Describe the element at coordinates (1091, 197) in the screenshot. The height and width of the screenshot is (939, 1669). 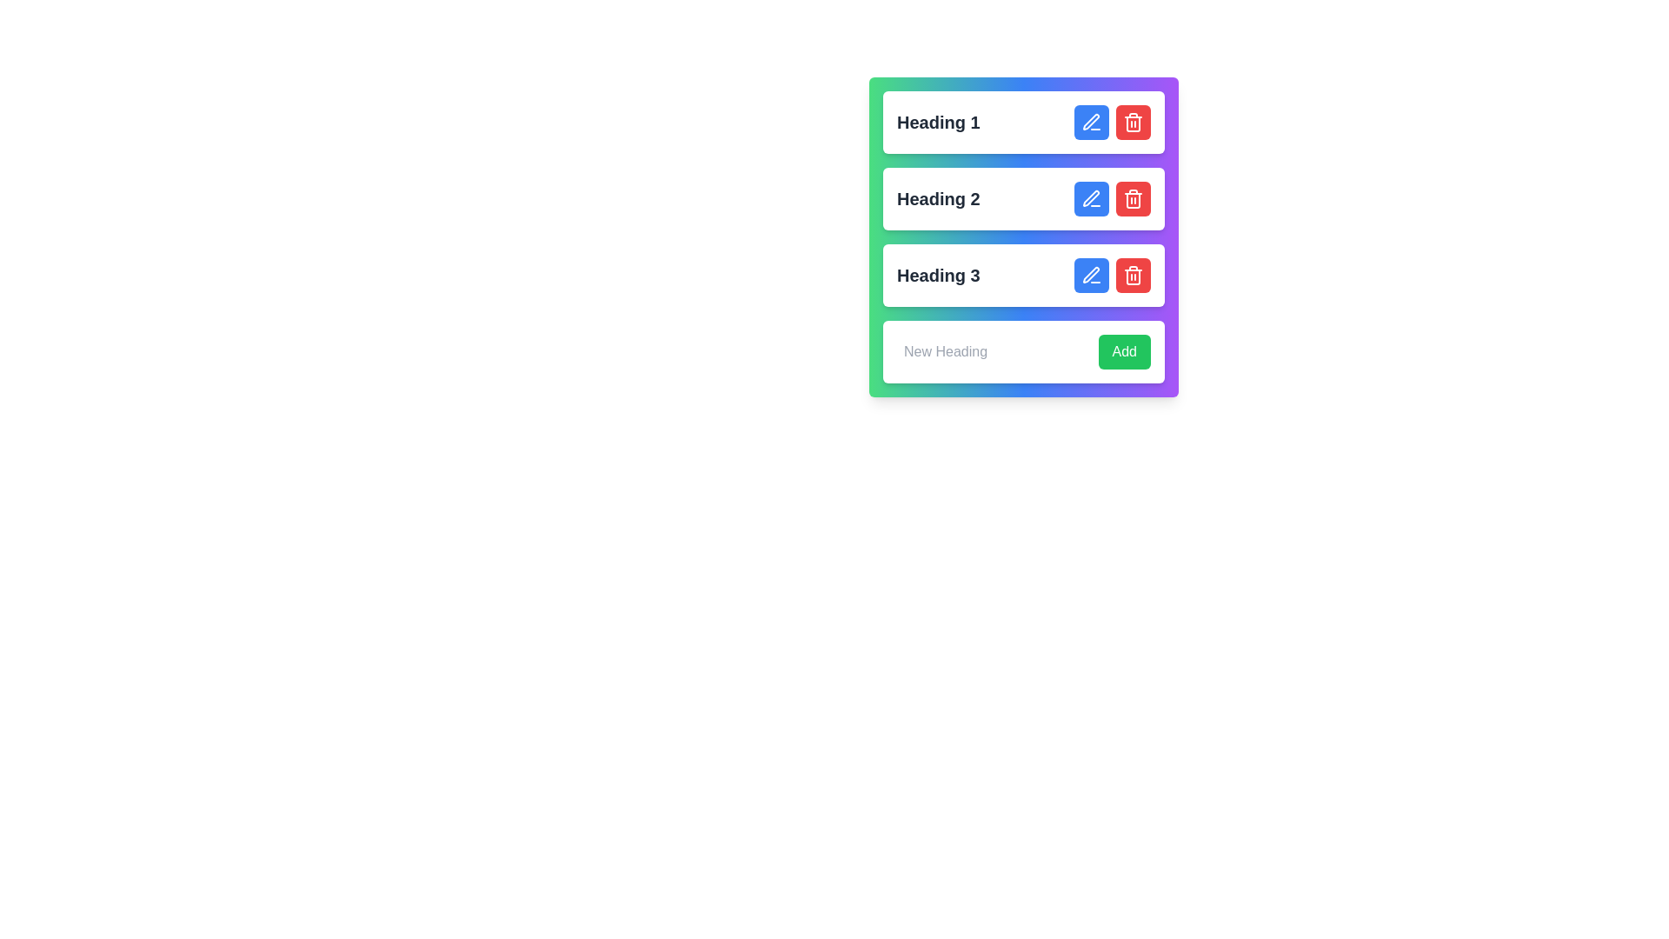
I see `the edit icon button` at that location.